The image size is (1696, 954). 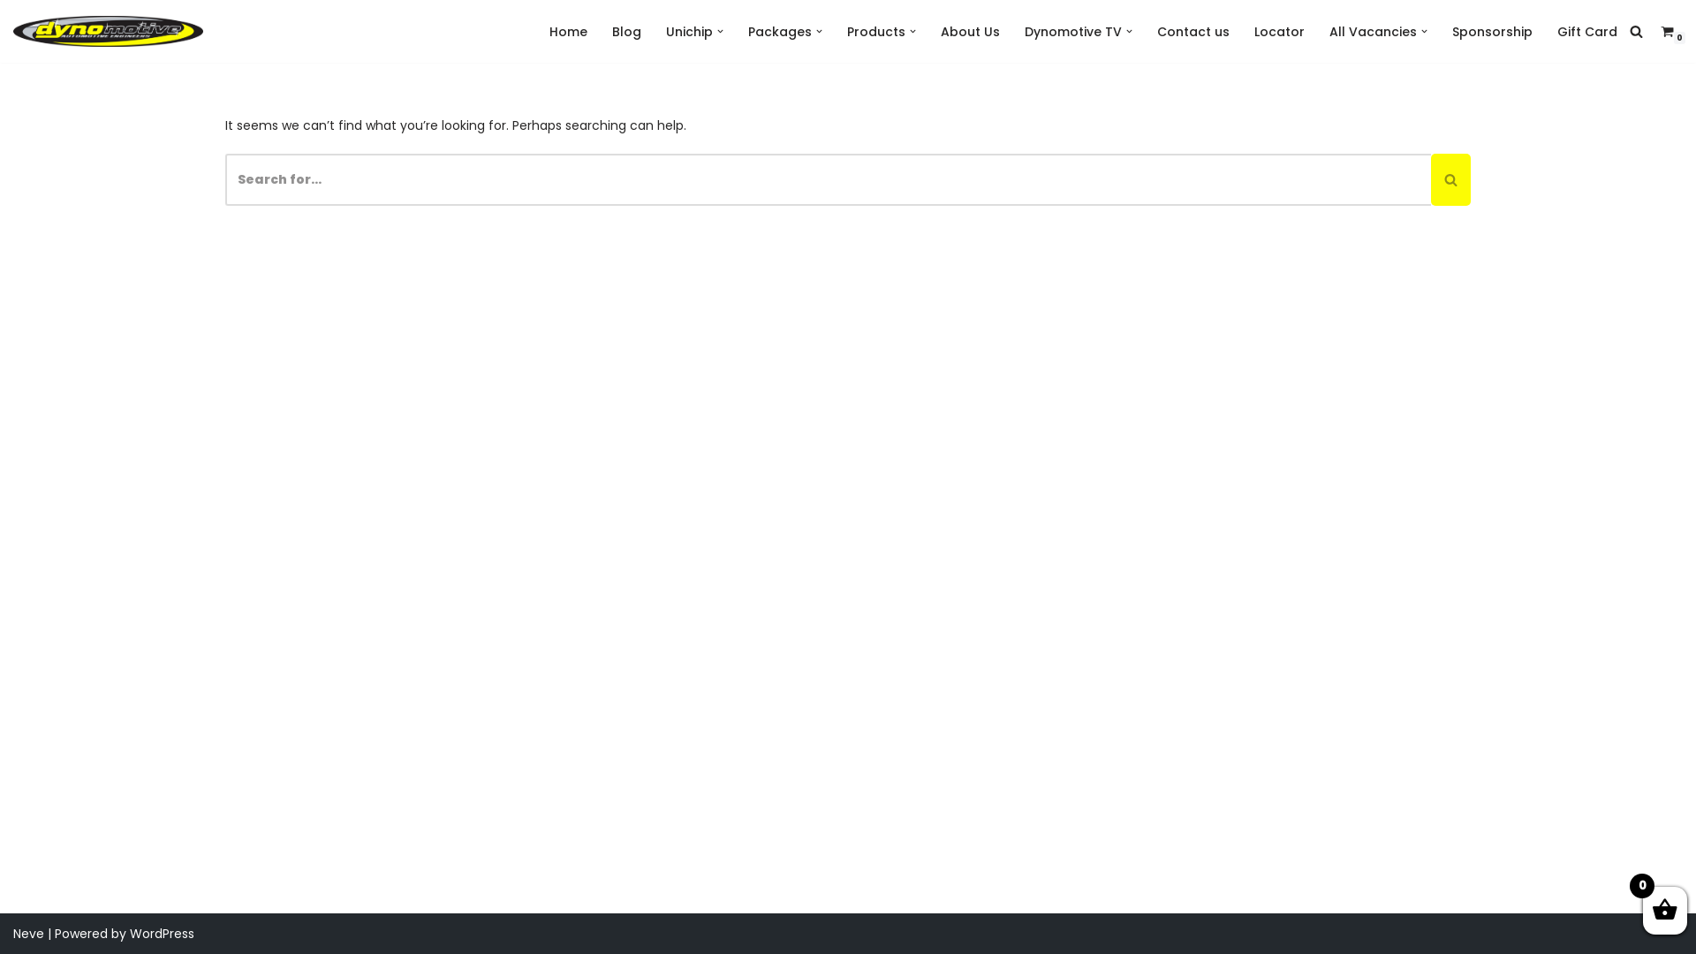 What do you see at coordinates (876, 31) in the screenshot?
I see `'Products'` at bounding box center [876, 31].